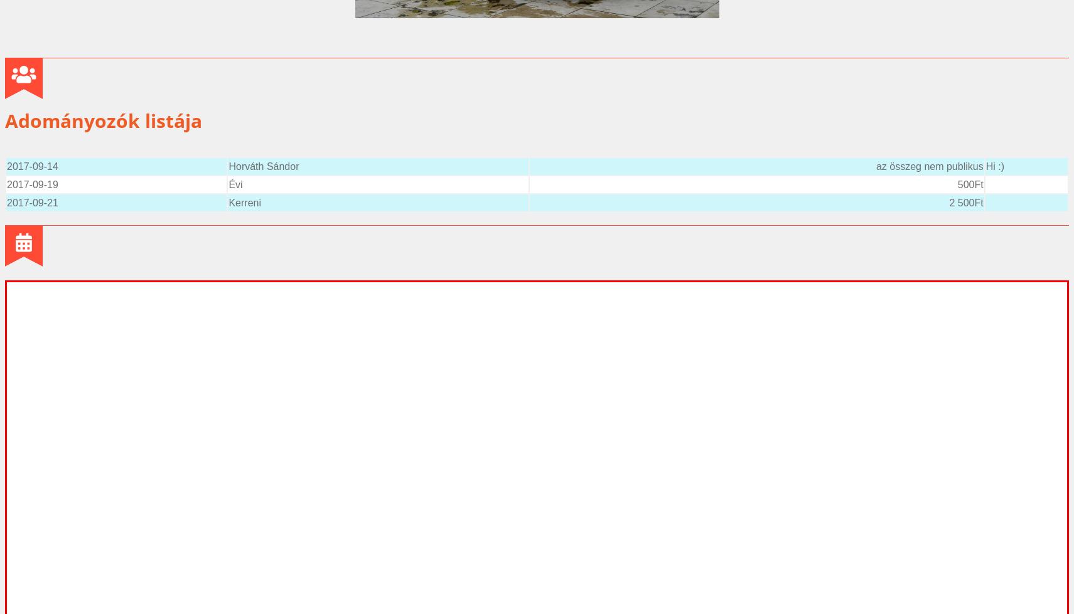 Image resolution: width=1074 pixels, height=614 pixels. I want to click on '2017-09-21', so click(31, 202).